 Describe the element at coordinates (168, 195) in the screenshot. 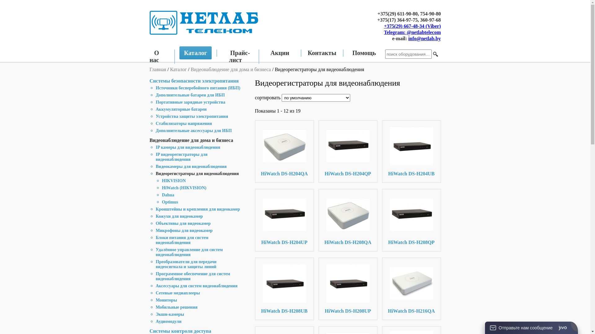

I see `'Dahua'` at that location.